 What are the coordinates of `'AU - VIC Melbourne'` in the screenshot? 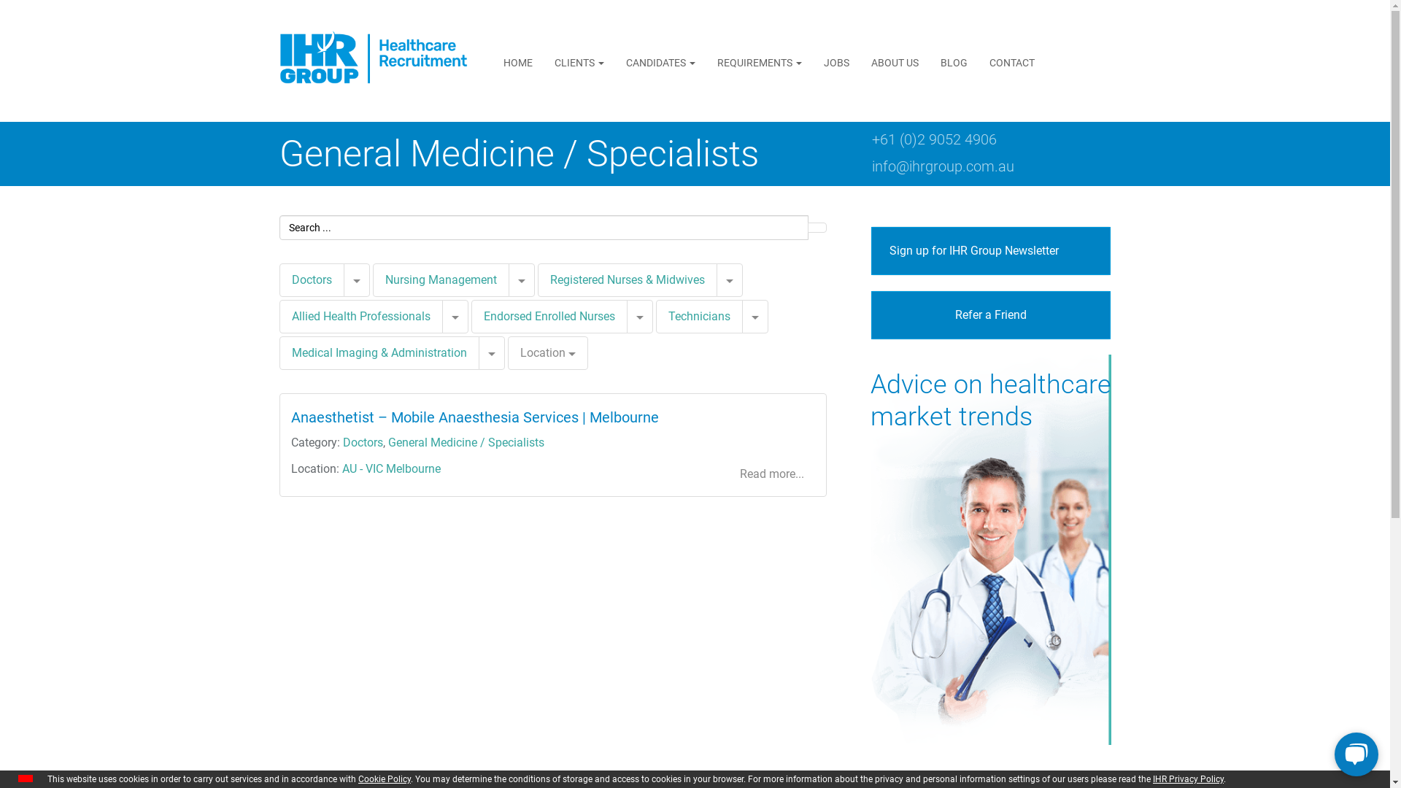 It's located at (390, 468).